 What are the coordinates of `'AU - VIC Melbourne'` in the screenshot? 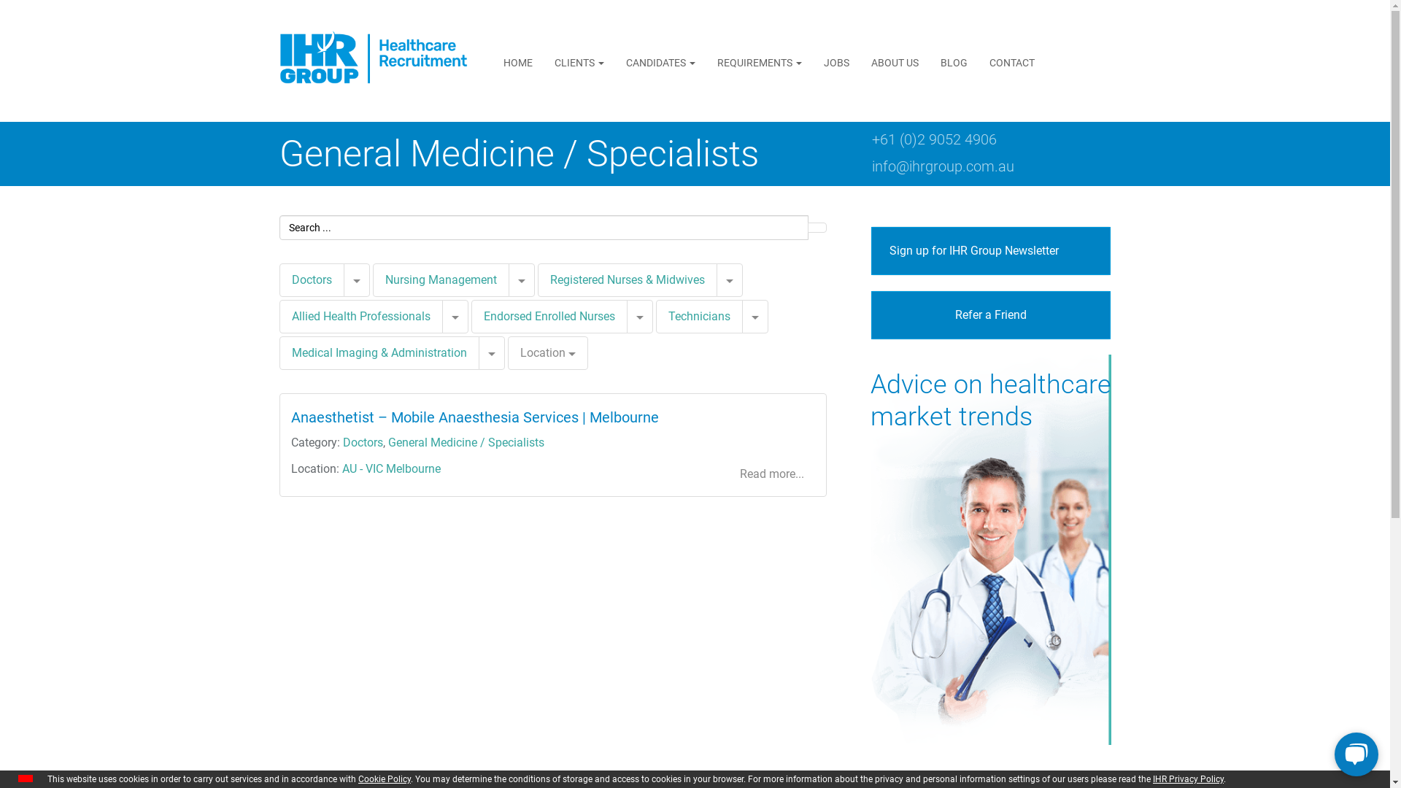 It's located at (390, 468).